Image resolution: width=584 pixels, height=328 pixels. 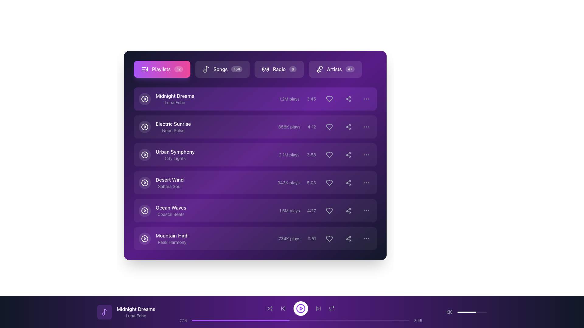 What do you see at coordinates (366, 238) in the screenshot?
I see `the circular button with three horizontally aligned white dots on a dark background, located at the far right end of the 'Mountain High' row` at bounding box center [366, 238].